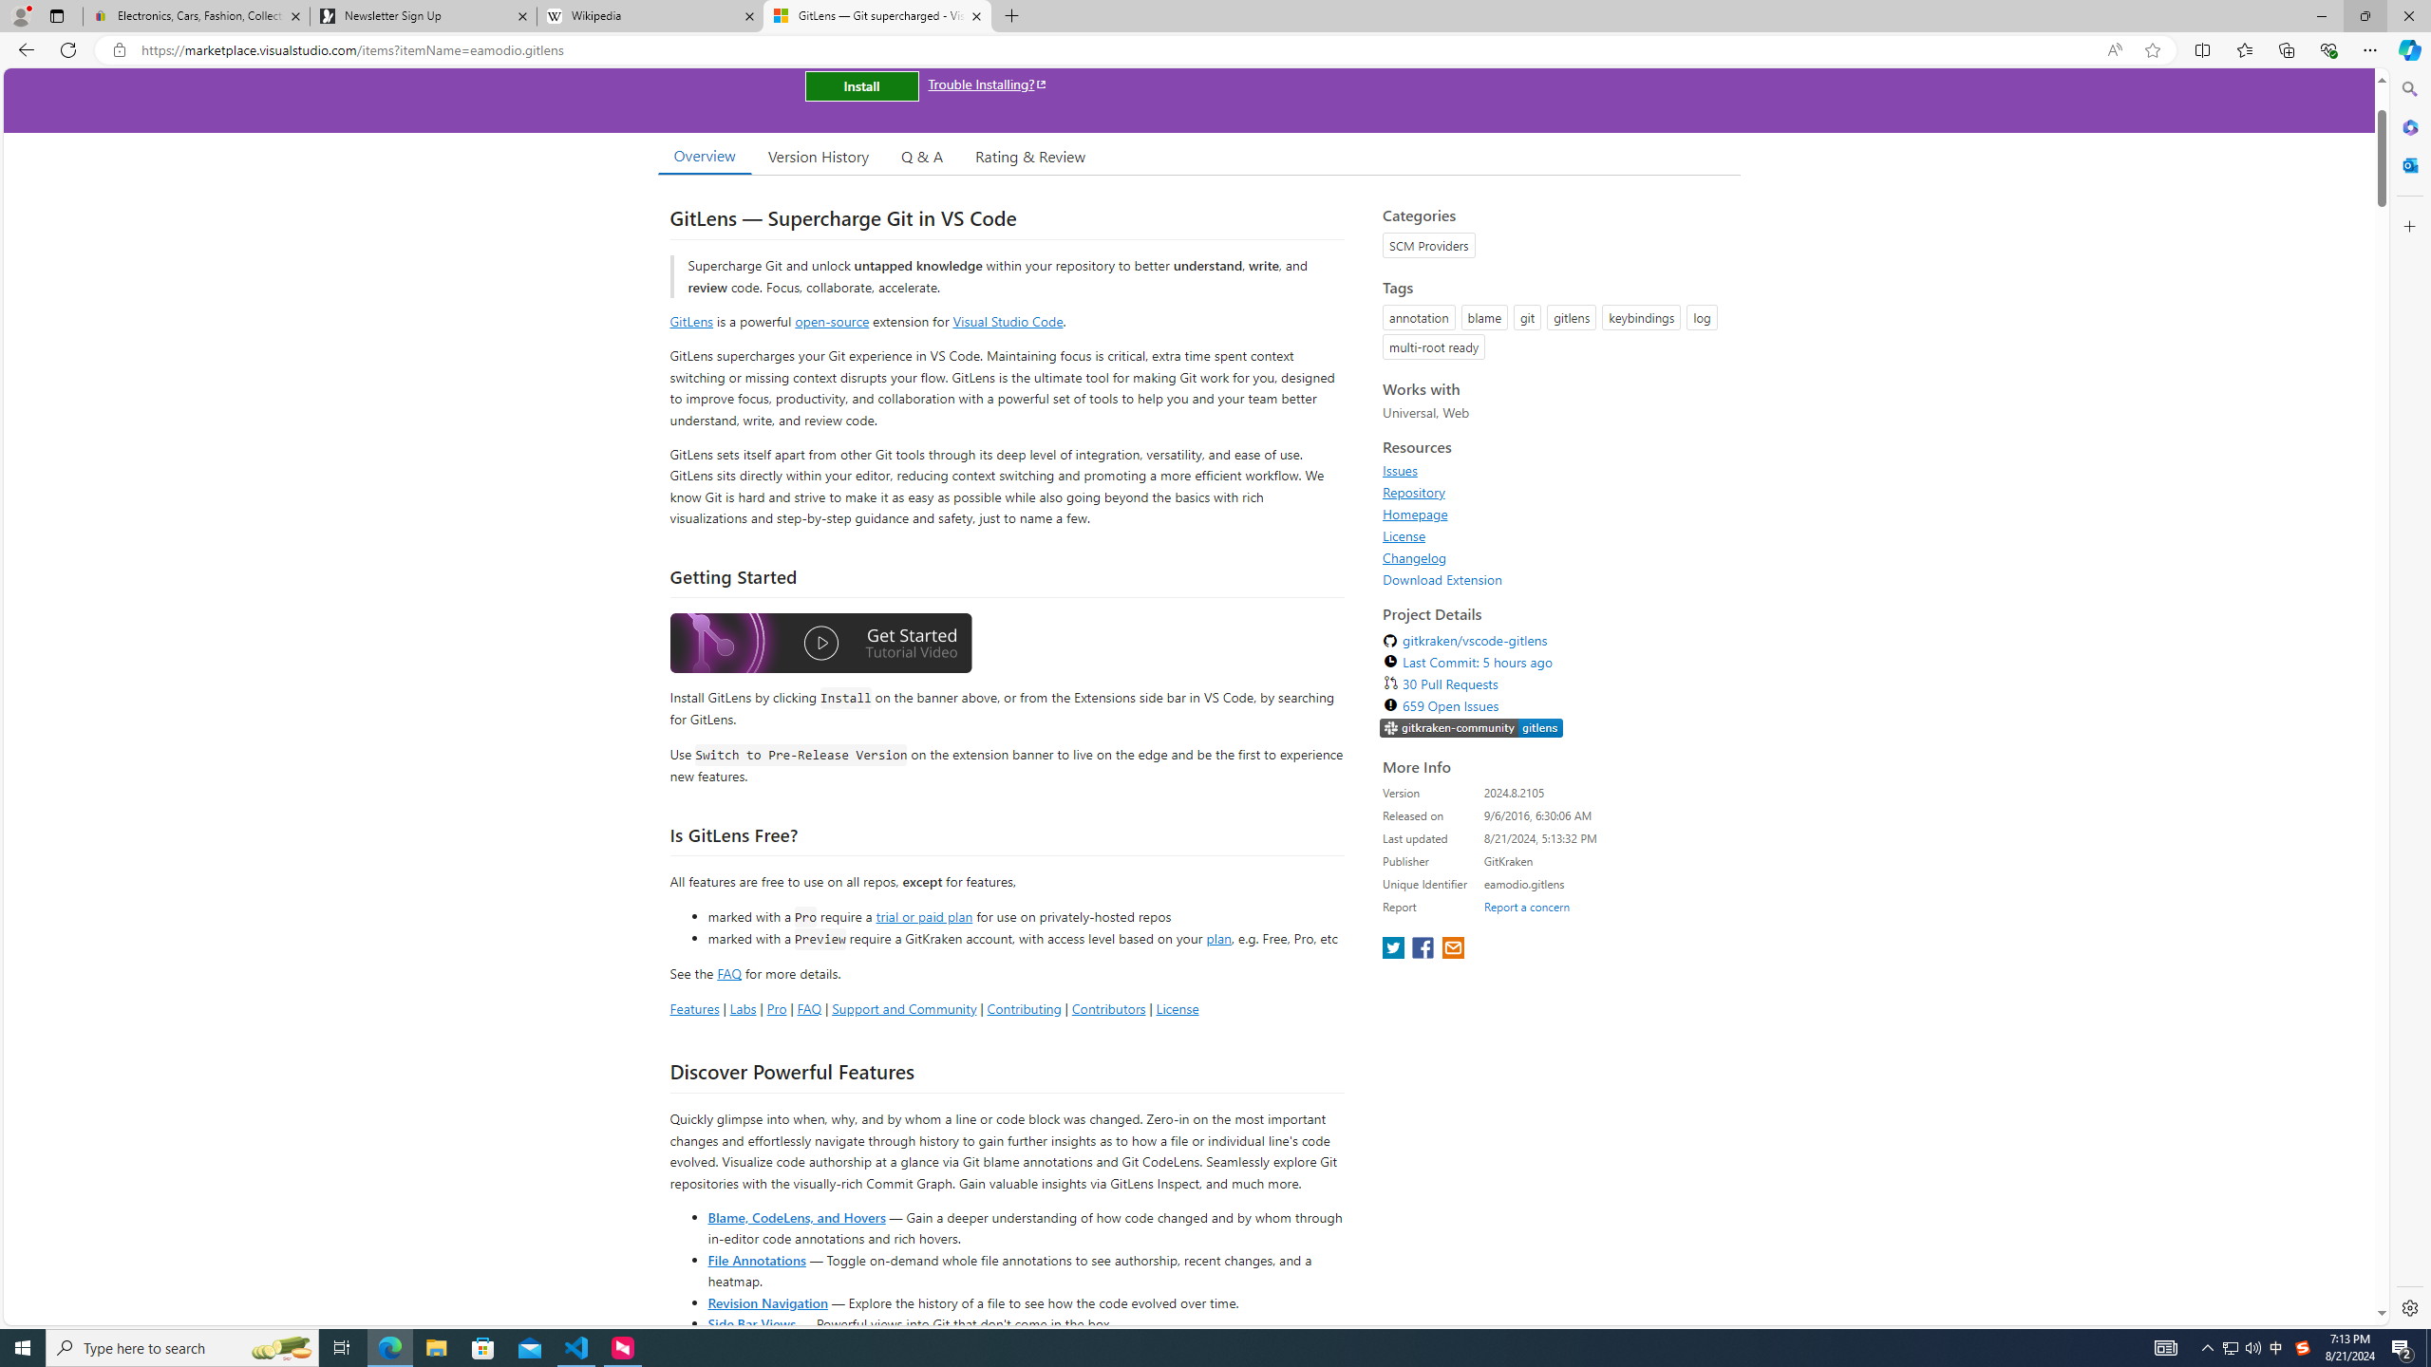 The height and width of the screenshot is (1367, 2431). What do you see at coordinates (1555, 534) in the screenshot?
I see `'License'` at bounding box center [1555, 534].